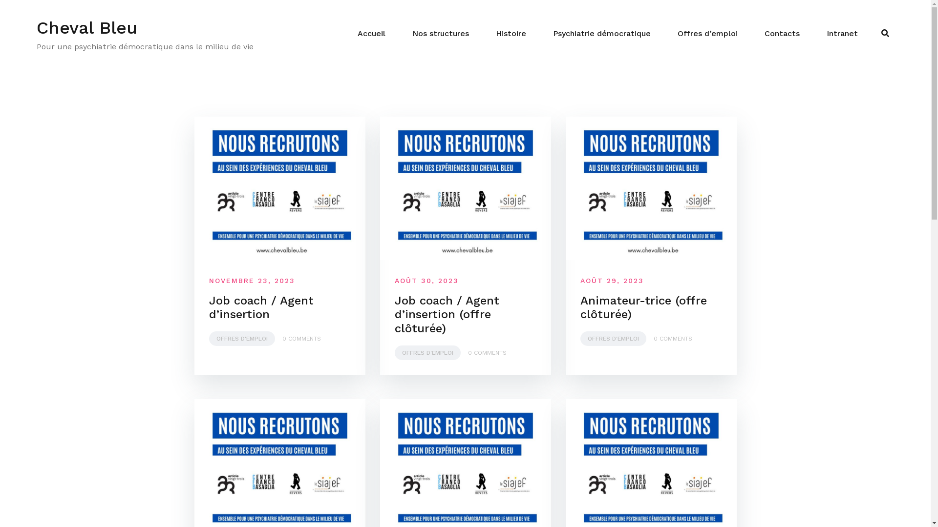 The width and height of the screenshot is (938, 527). Describe the element at coordinates (252, 280) in the screenshot. I see `'NOVEMBRE 23, 2023'` at that location.